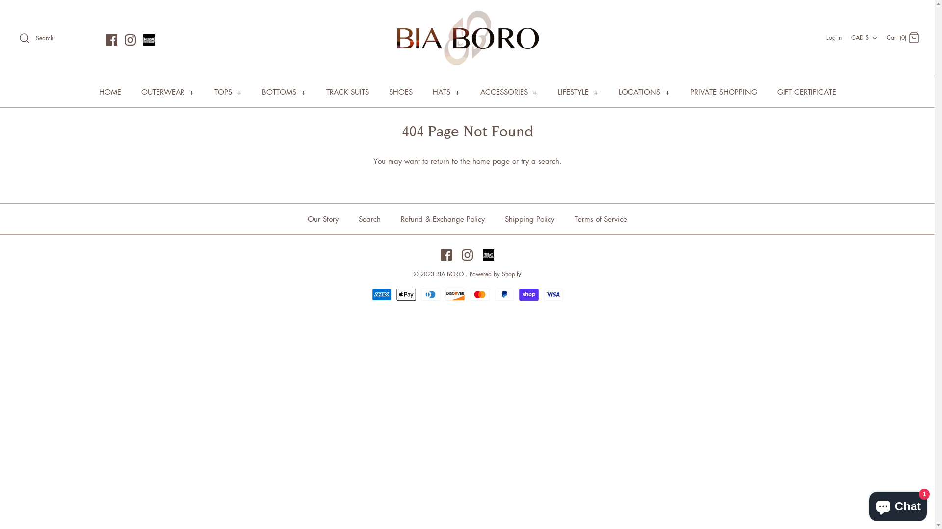  What do you see at coordinates (323, 218) in the screenshot?
I see `'Our Story'` at bounding box center [323, 218].